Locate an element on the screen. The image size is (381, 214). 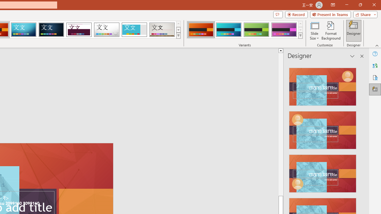
'Circuit' is located at coordinates (24, 30).